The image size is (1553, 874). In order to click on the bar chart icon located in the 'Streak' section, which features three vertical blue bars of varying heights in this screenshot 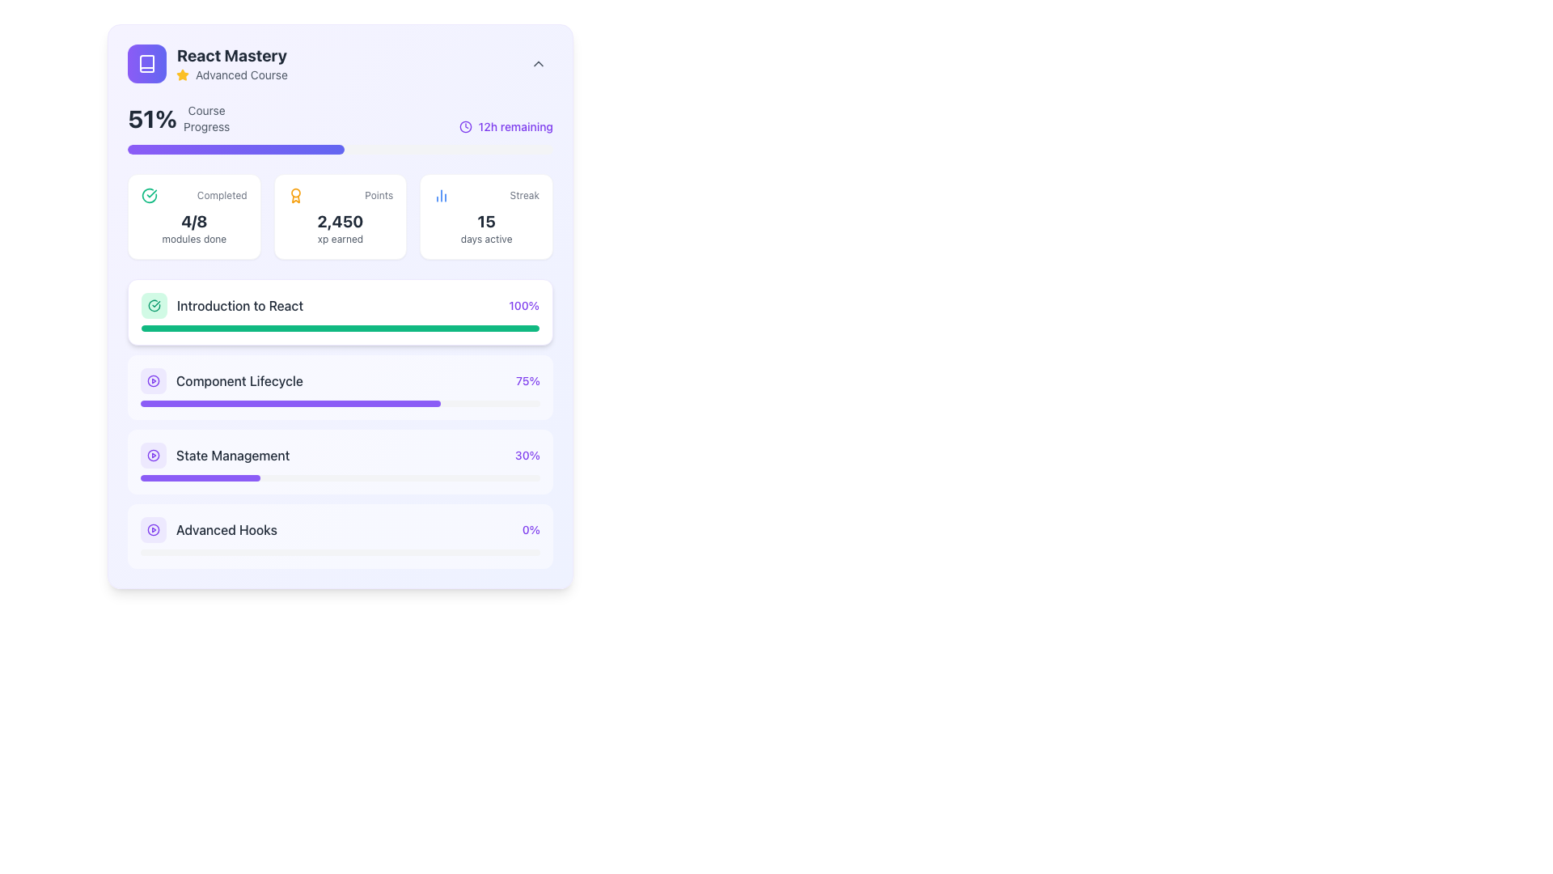, I will do `click(442, 195)`.